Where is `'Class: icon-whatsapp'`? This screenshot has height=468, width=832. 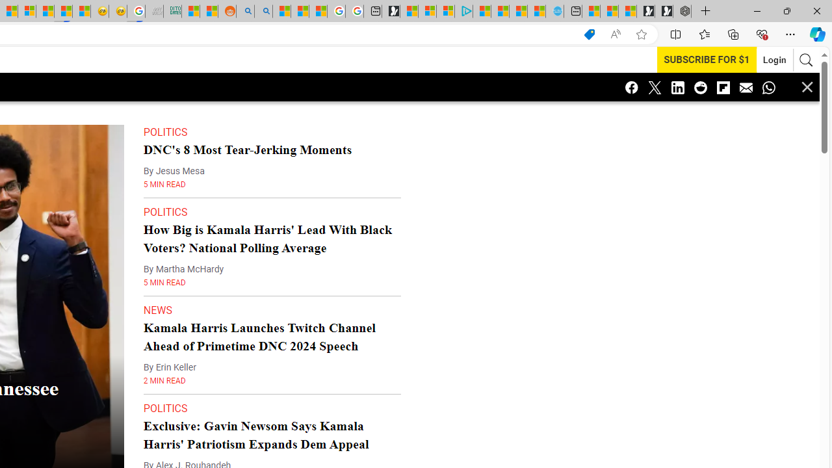
'Class: icon-whatsapp' is located at coordinates (768, 86).